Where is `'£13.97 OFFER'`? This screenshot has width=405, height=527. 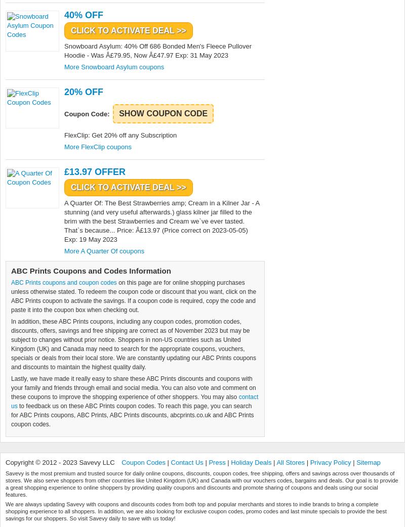
'£13.97 OFFER' is located at coordinates (94, 172).